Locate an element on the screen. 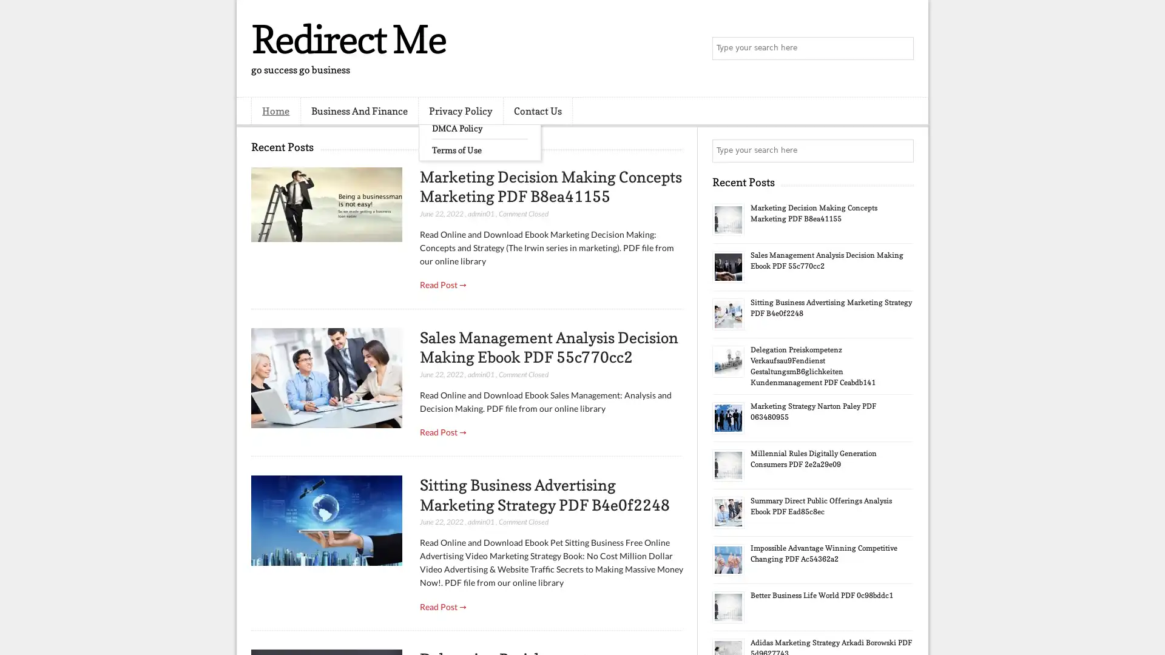 The height and width of the screenshot is (655, 1165). Search is located at coordinates (901, 150).